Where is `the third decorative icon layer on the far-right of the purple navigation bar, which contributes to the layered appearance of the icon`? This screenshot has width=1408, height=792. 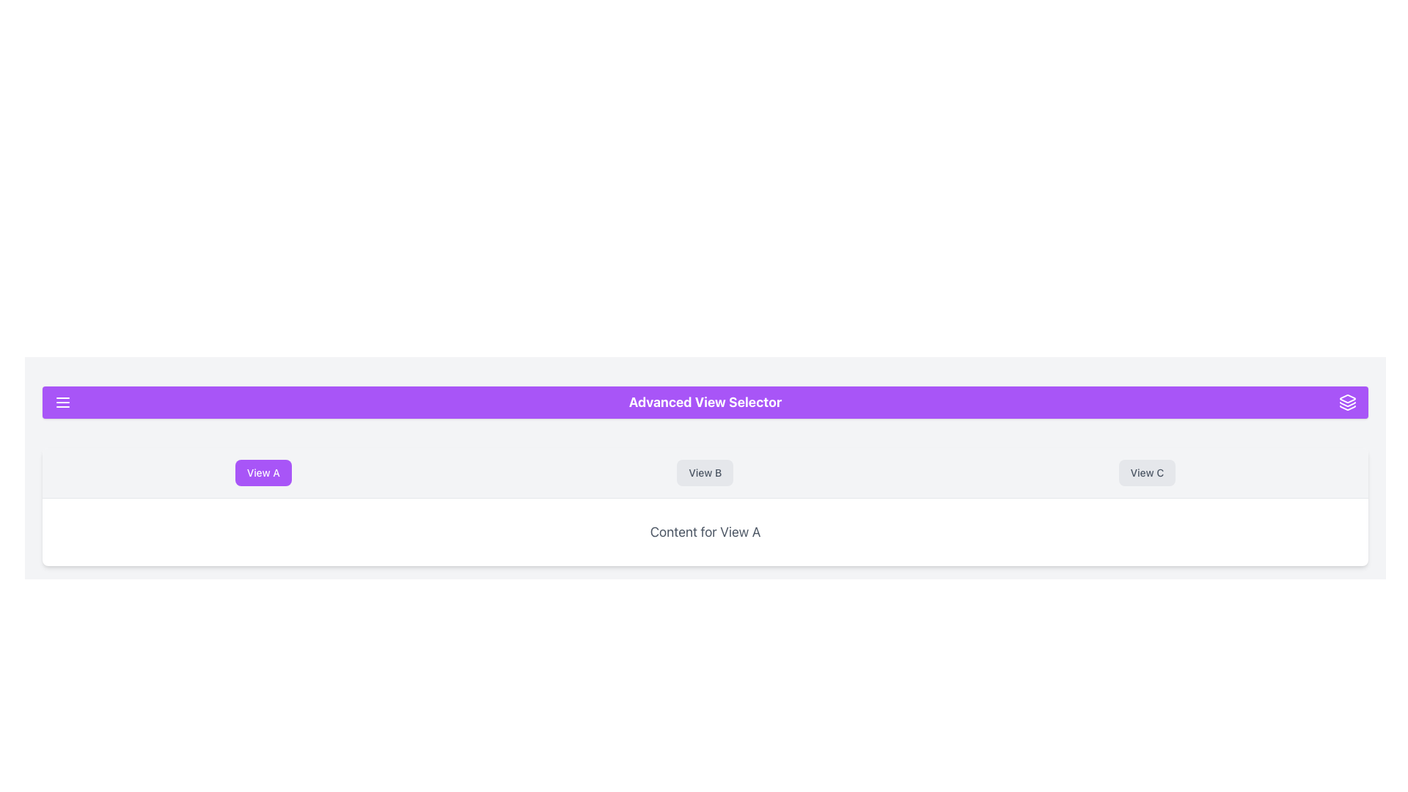 the third decorative icon layer on the far-right of the purple navigation bar, which contributes to the layered appearance of the icon is located at coordinates (1348, 408).